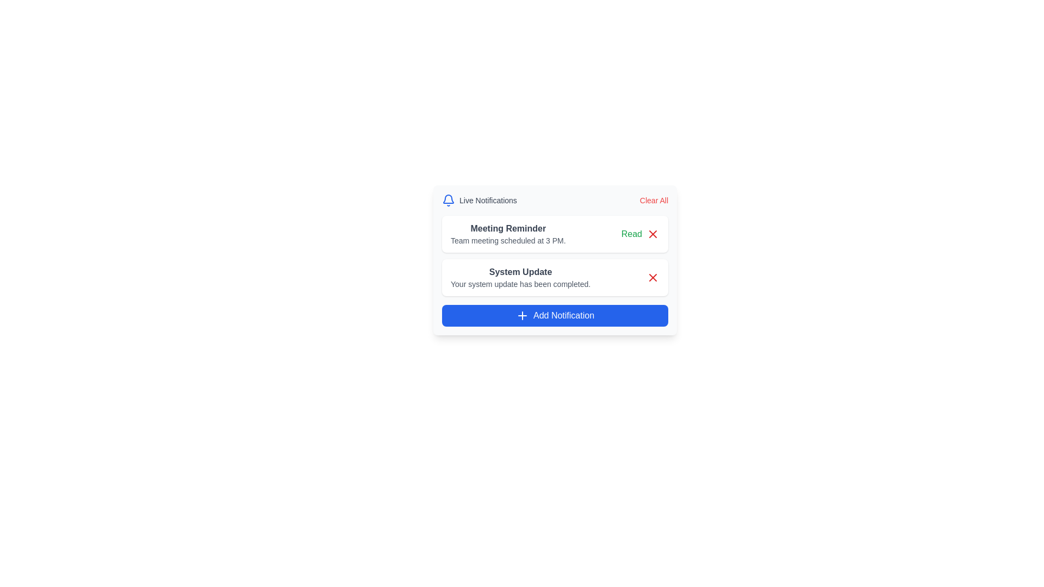 The height and width of the screenshot is (587, 1044). Describe the element at coordinates (449, 201) in the screenshot. I see `the blue bell icon representing notifications located to the left of the 'Live Notifications' text in the upper-left corner of the main notification section` at that location.